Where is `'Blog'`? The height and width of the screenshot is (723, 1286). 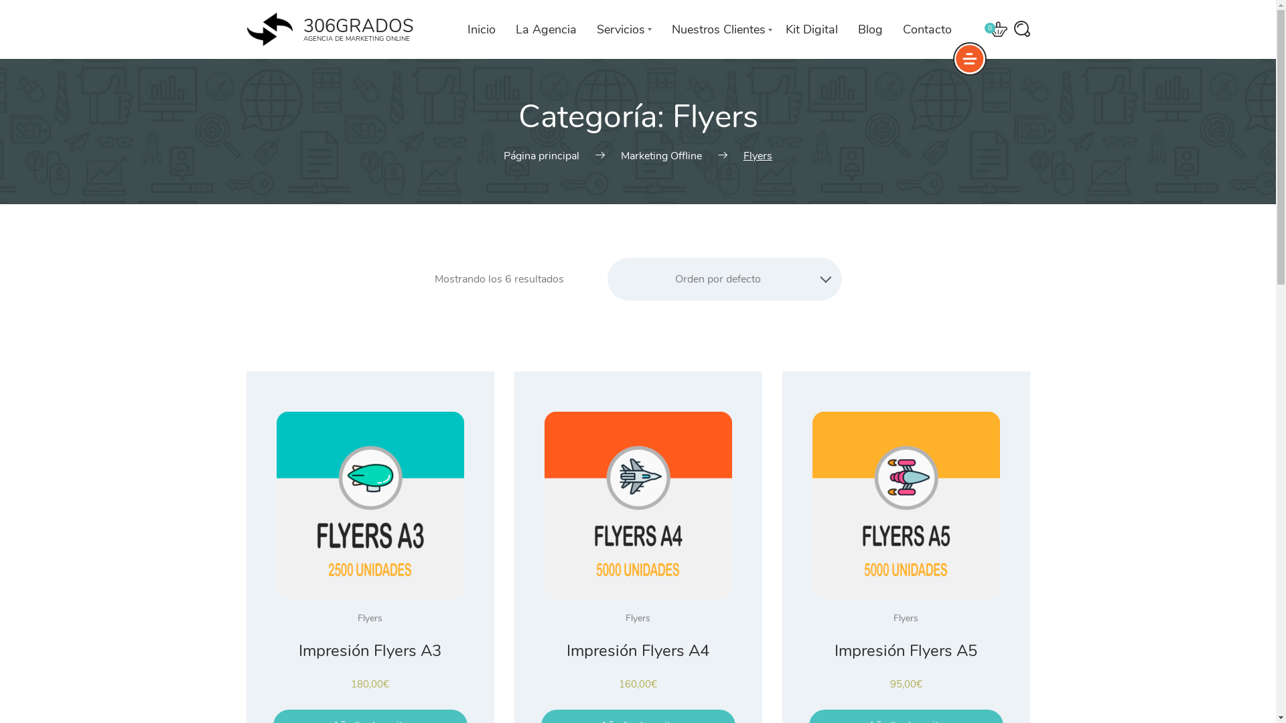 'Blog' is located at coordinates (869, 29).